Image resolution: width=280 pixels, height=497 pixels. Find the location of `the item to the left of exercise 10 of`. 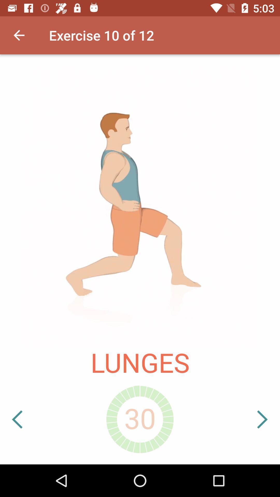

the item to the left of exercise 10 of is located at coordinates (19, 35).